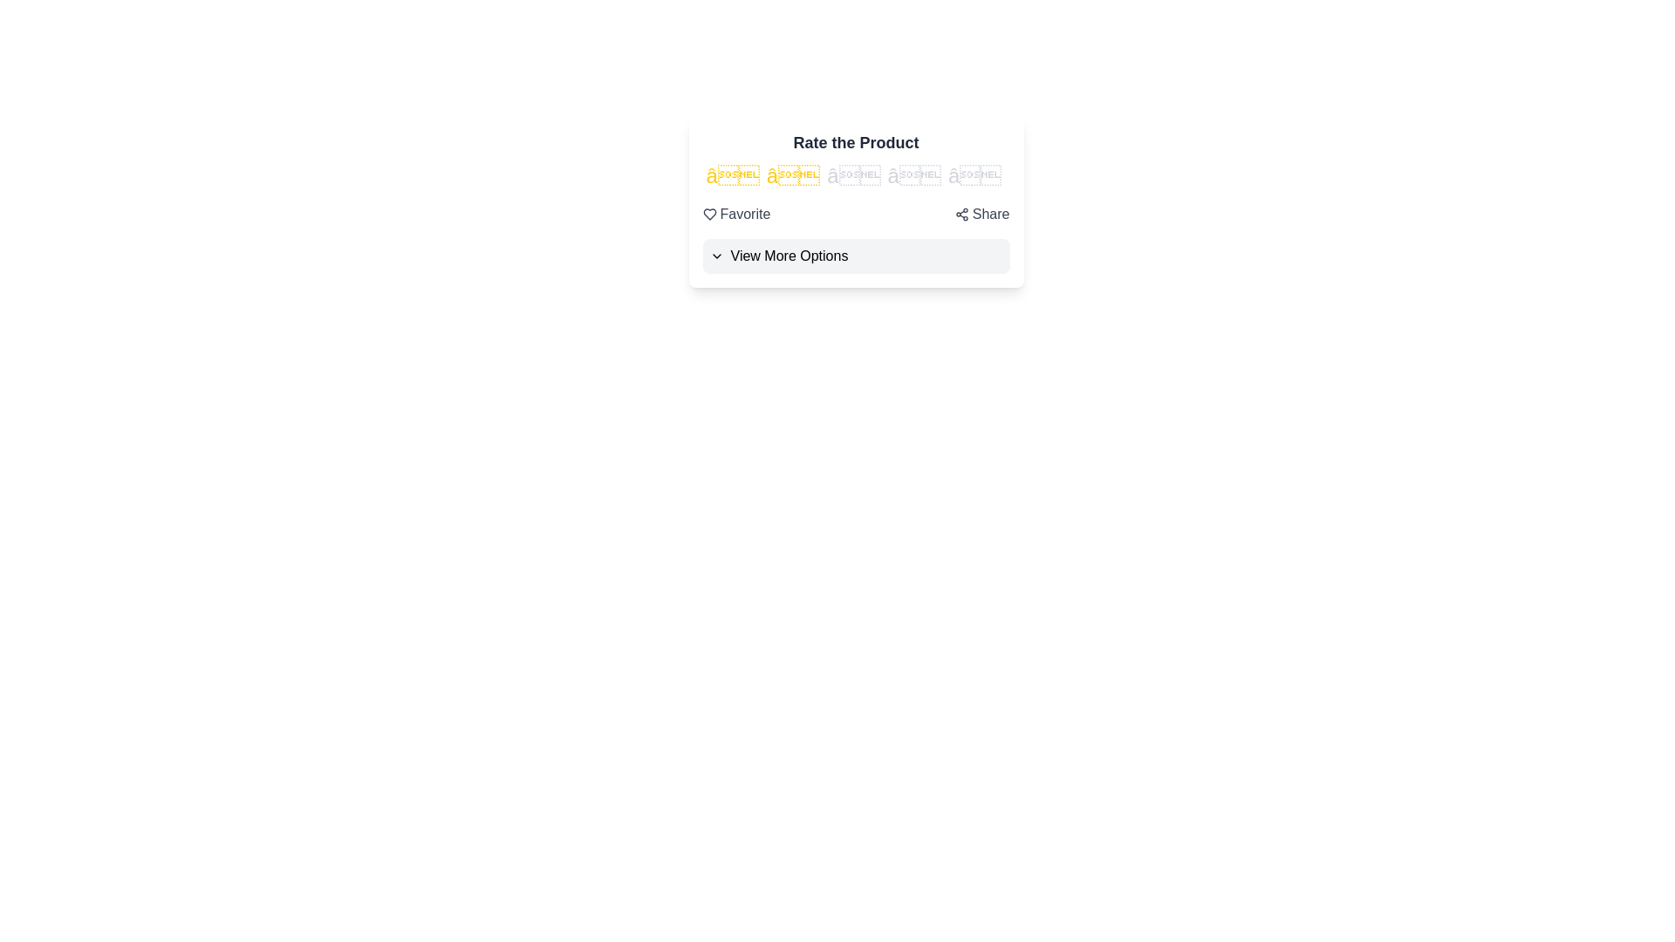  Describe the element at coordinates (792, 175) in the screenshot. I see `the rating to 2 stars by clicking on the corresponding star` at that location.